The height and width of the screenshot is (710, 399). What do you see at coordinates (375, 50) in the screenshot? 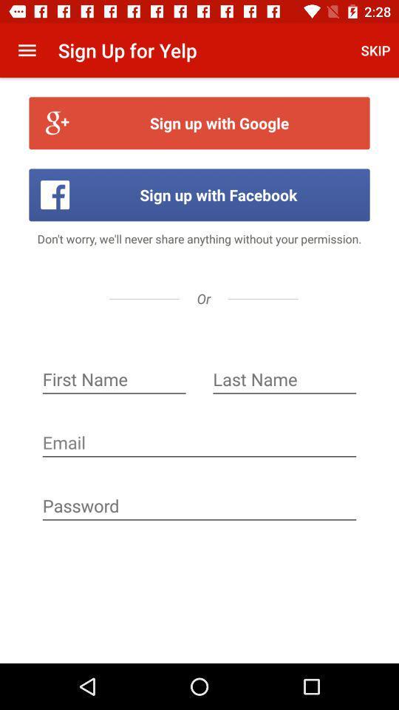
I see `app to the right of the sign up for app` at bounding box center [375, 50].